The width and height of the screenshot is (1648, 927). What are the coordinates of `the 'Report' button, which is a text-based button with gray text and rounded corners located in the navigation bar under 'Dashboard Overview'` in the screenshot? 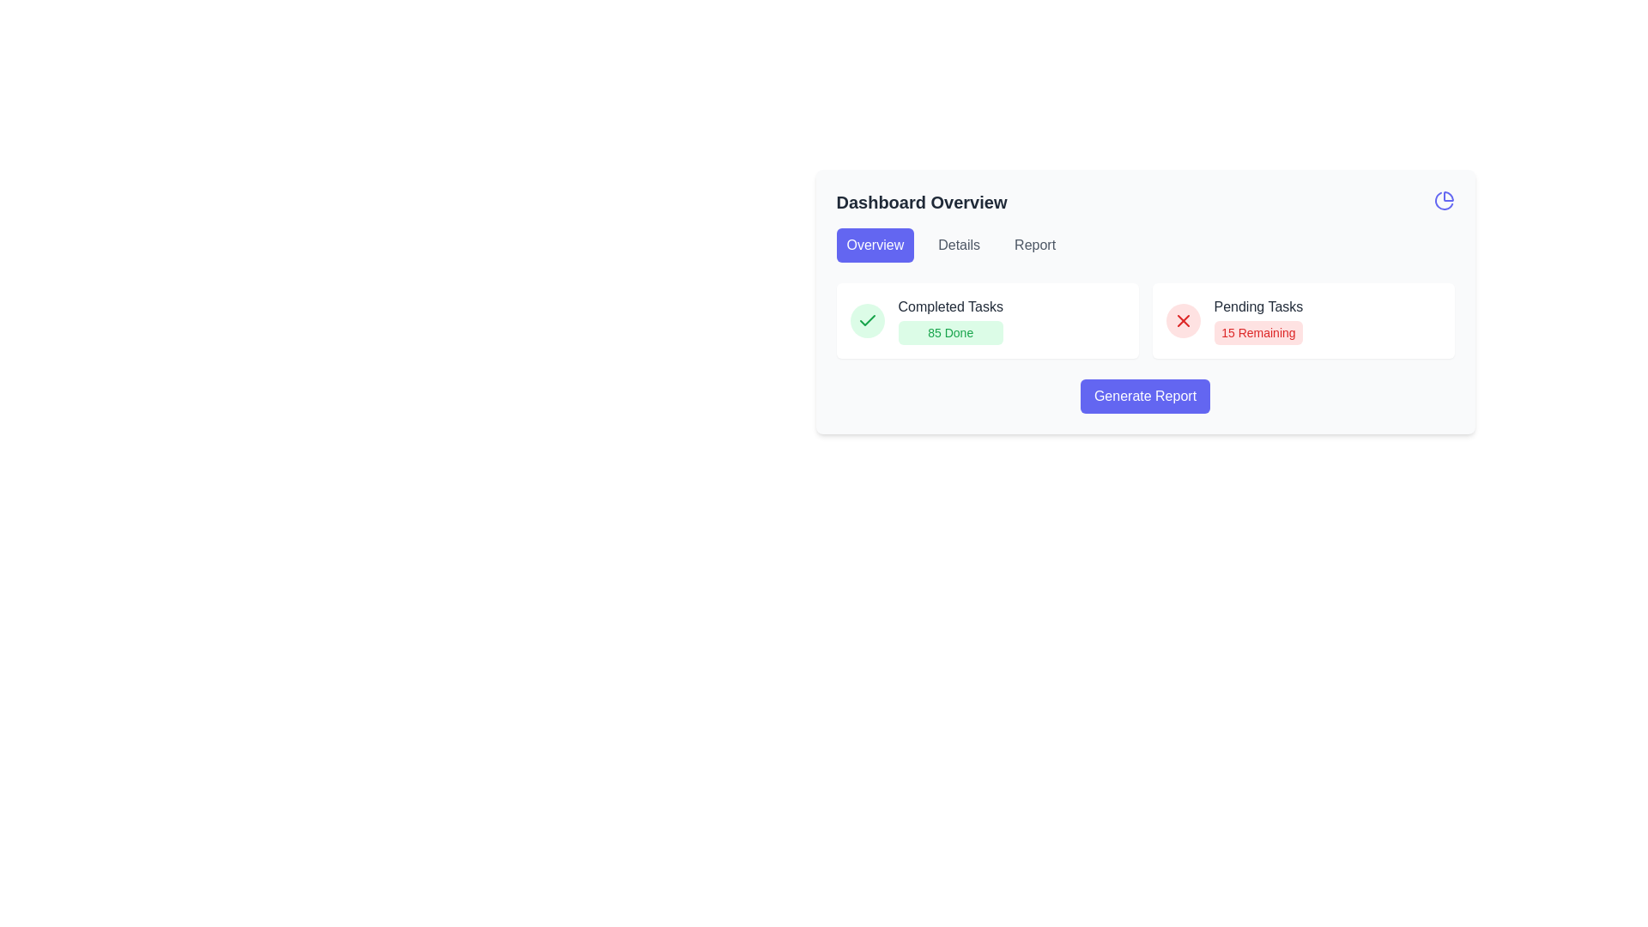 It's located at (1034, 245).